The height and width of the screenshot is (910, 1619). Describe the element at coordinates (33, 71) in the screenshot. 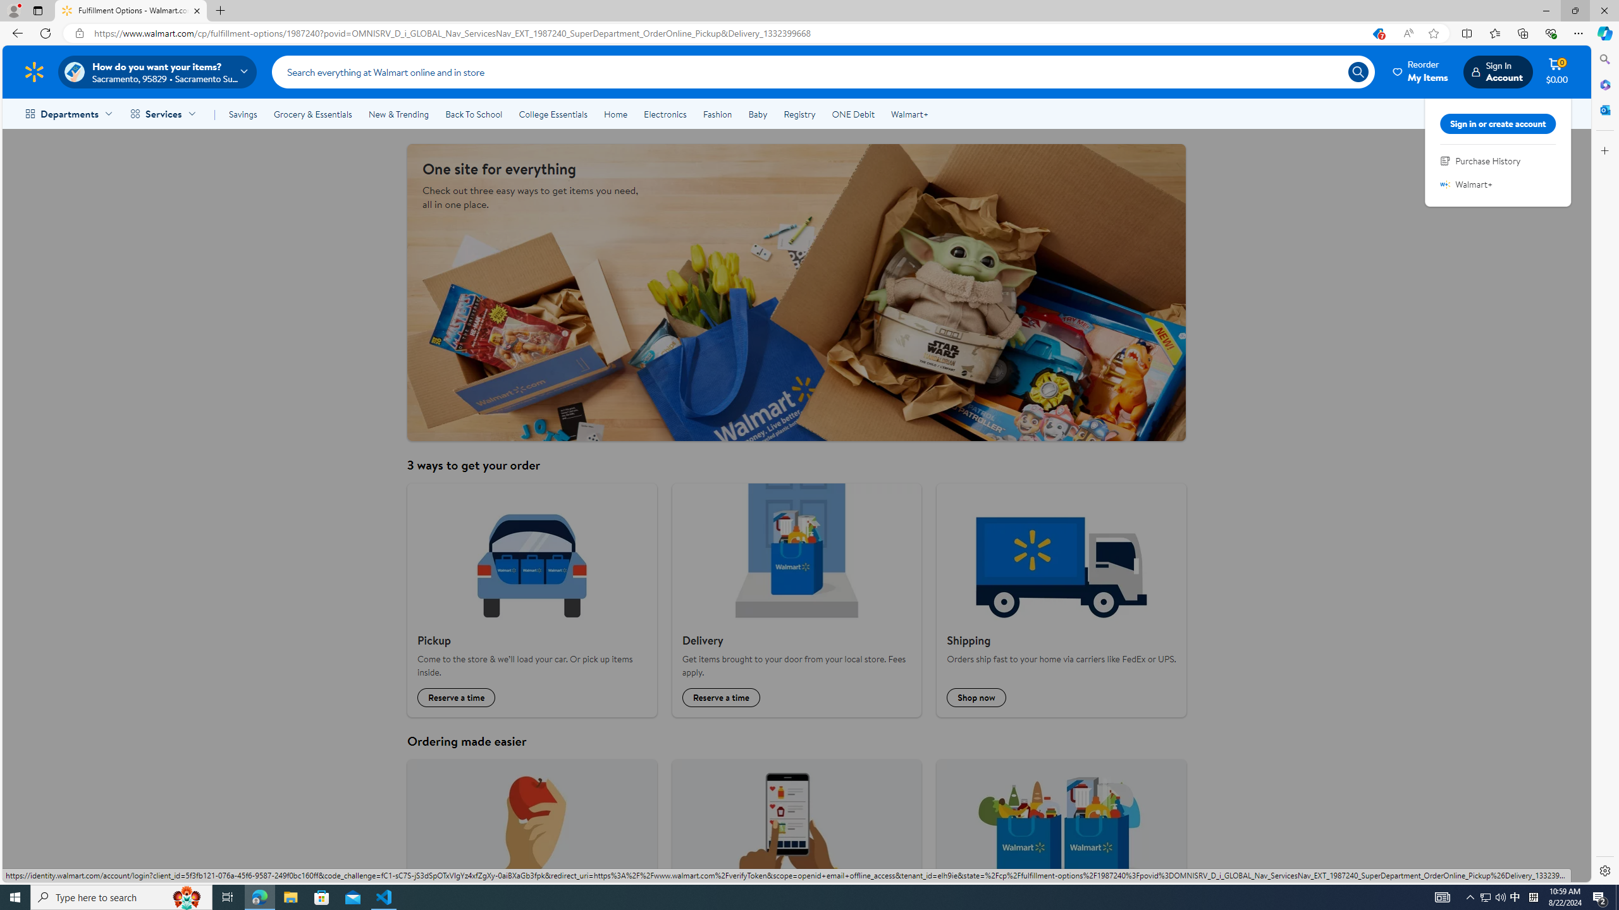

I see `'Walmart Homepage'` at that location.